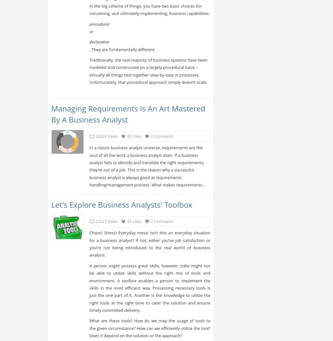  What do you see at coordinates (149, 328) in the screenshot?
I see `'What are these tools? How do we map the usage of tools to the given circumstance? How can we efficiently utilize the tool? Does it depend on the solution or the approach?'` at bounding box center [149, 328].